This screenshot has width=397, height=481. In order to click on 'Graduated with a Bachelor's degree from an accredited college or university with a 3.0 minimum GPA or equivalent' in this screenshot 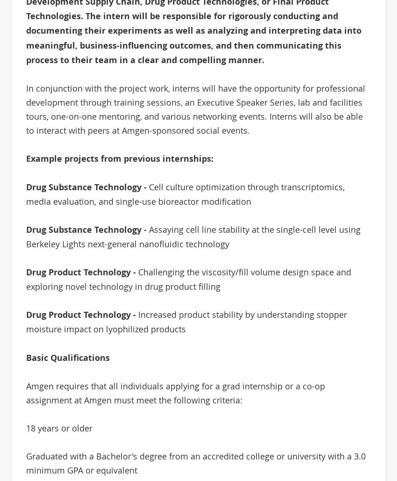, I will do `click(195, 462)`.